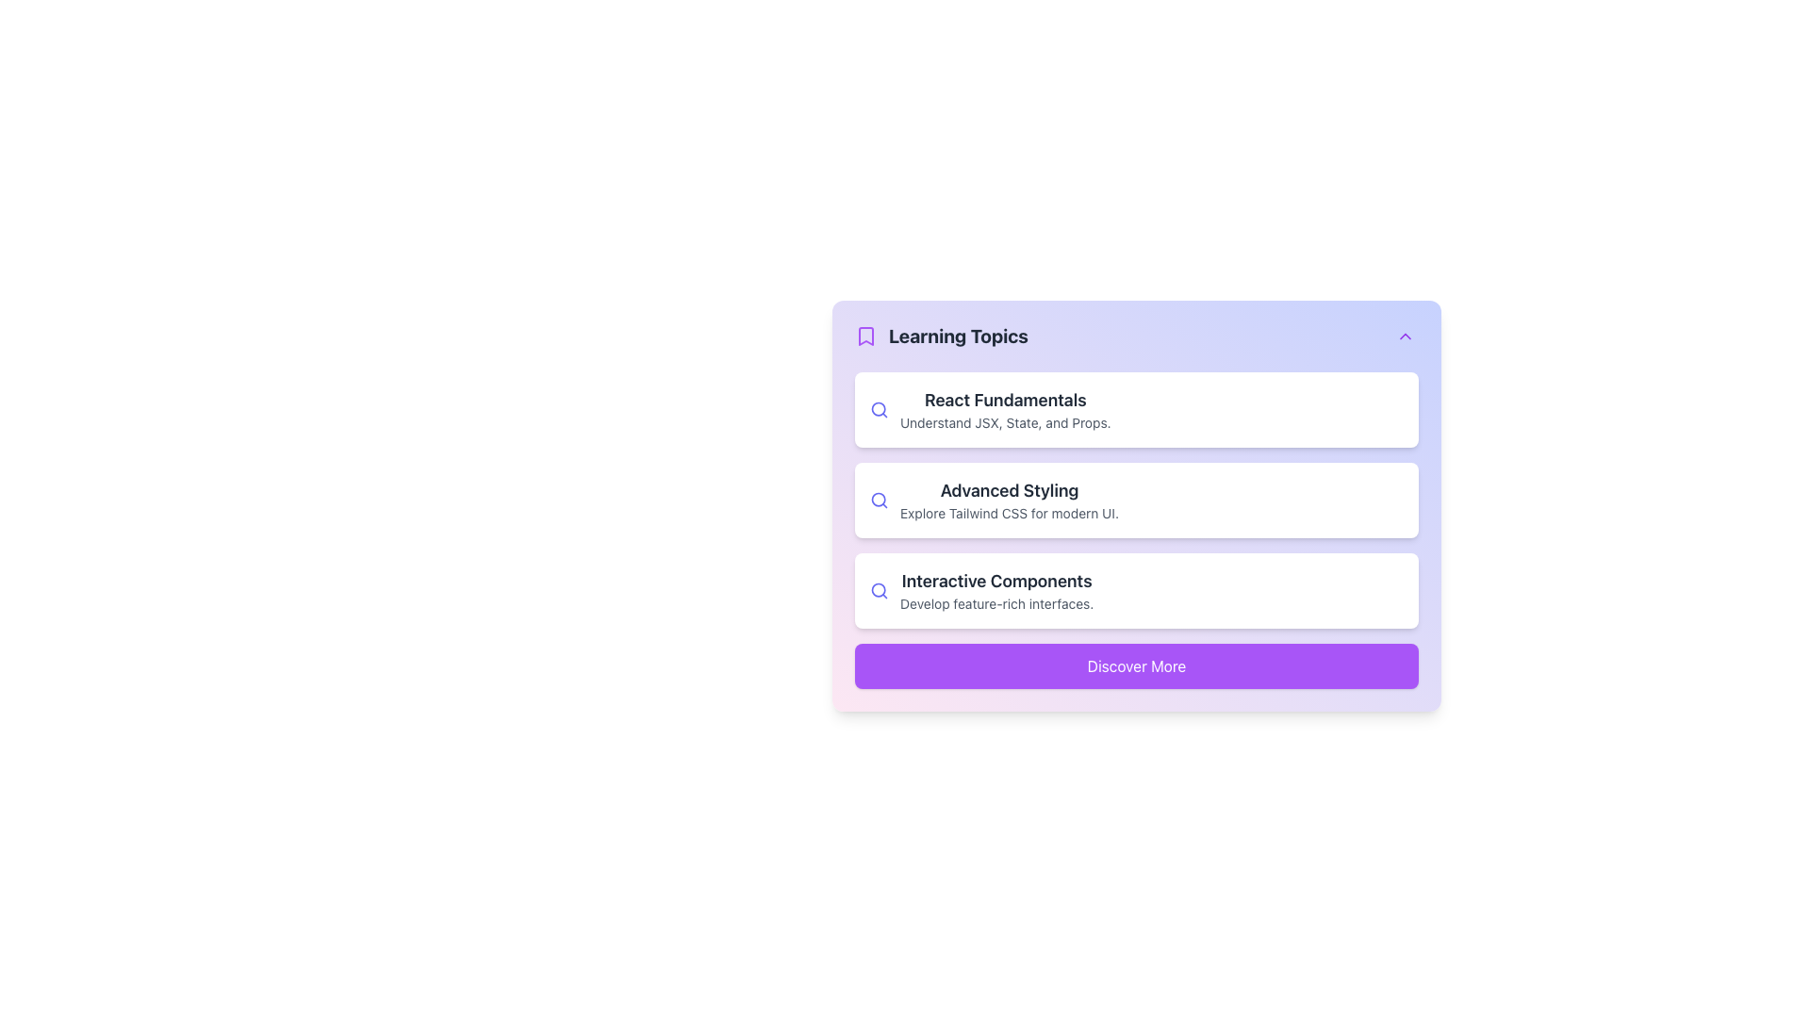 The height and width of the screenshot is (1018, 1810). What do you see at coordinates (864, 336) in the screenshot?
I see `the bookmark icon that indicates the 'Learning Topics' section, located at the top left before the text 'Learning Topics'` at bounding box center [864, 336].